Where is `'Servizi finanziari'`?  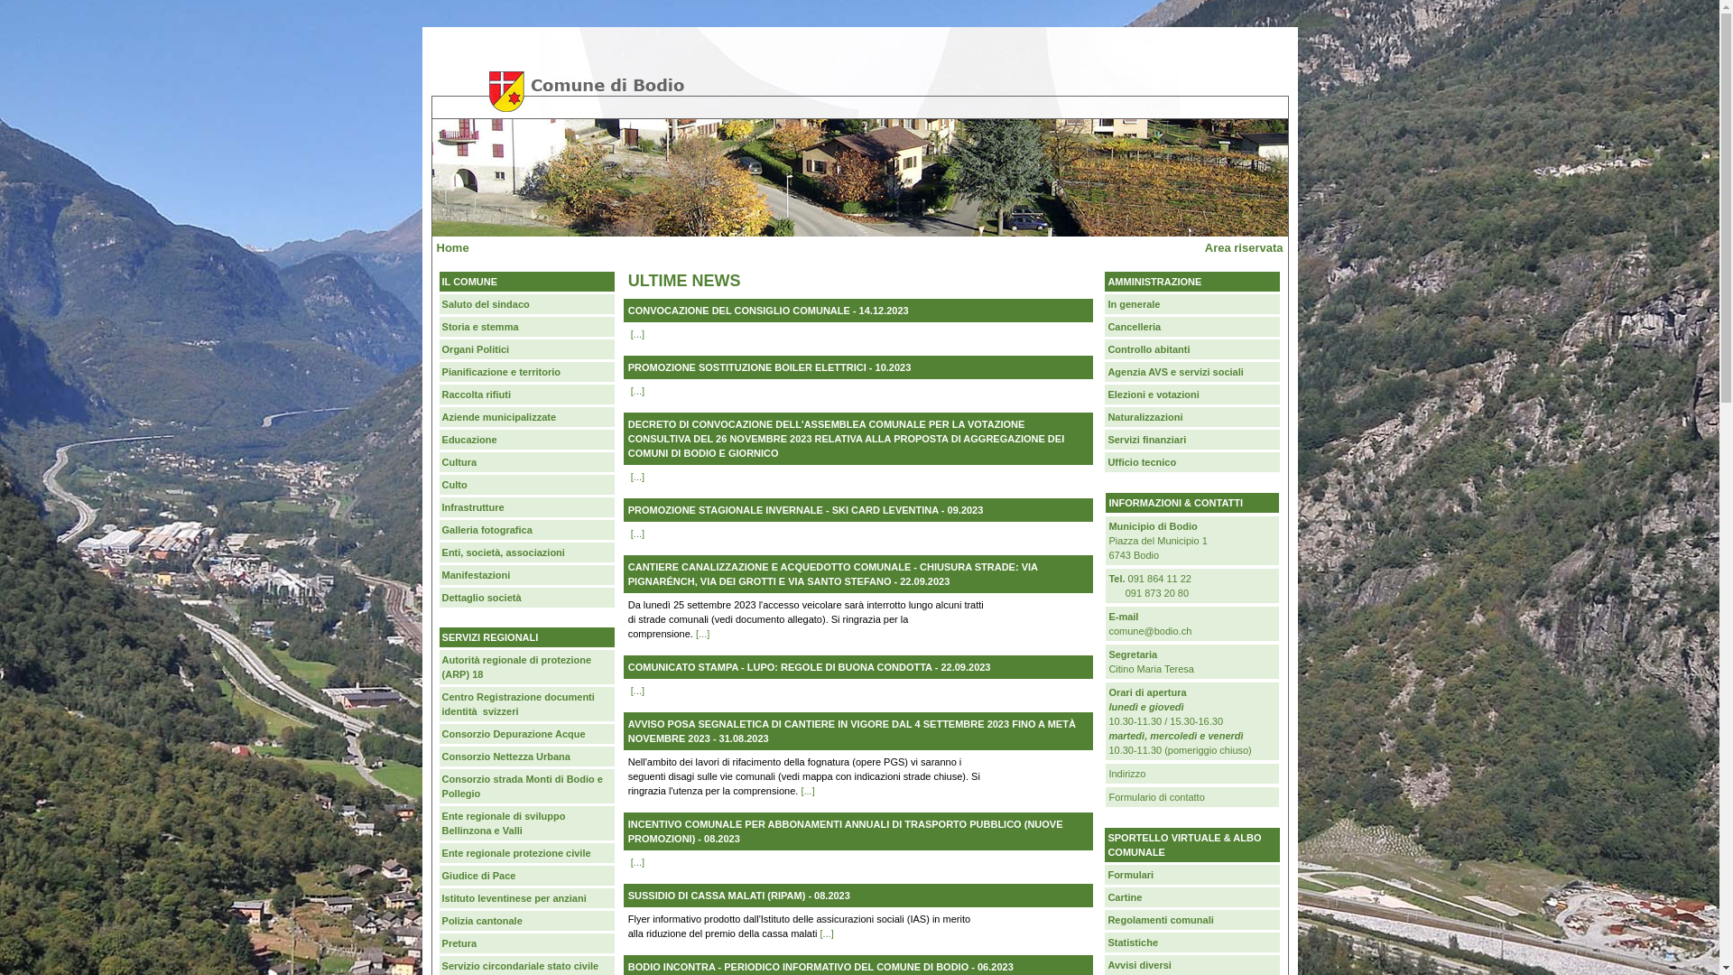 'Servizi finanziari' is located at coordinates (1104, 439).